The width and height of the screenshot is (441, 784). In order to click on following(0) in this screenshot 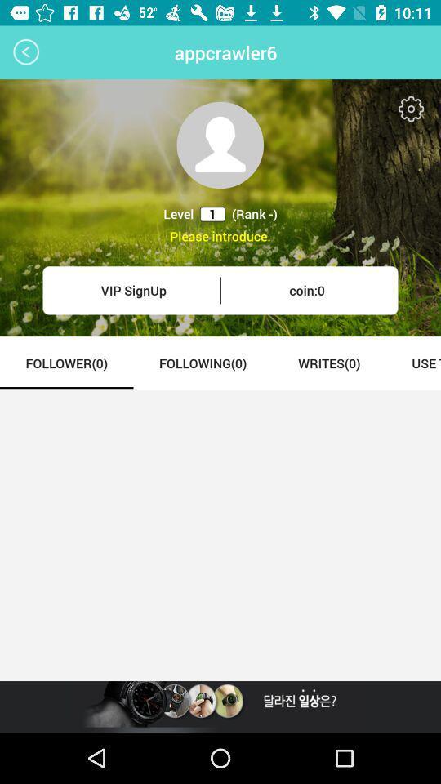, I will do `click(203, 363)`.